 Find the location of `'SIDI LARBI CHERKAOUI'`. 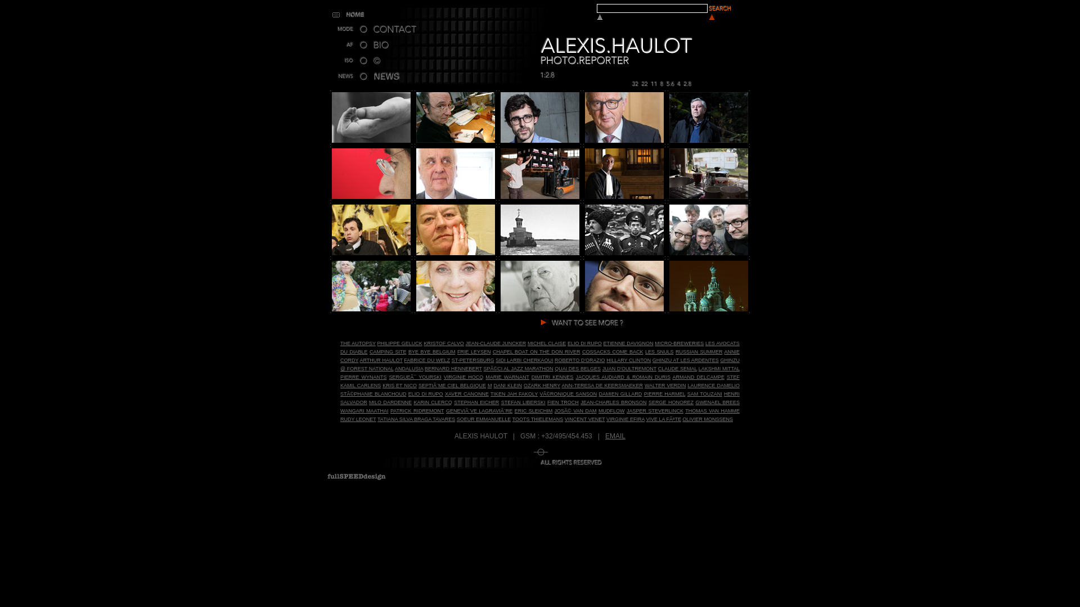

'SIDI LARBI CHERKAOUI' is located at coordinates (523, 360).